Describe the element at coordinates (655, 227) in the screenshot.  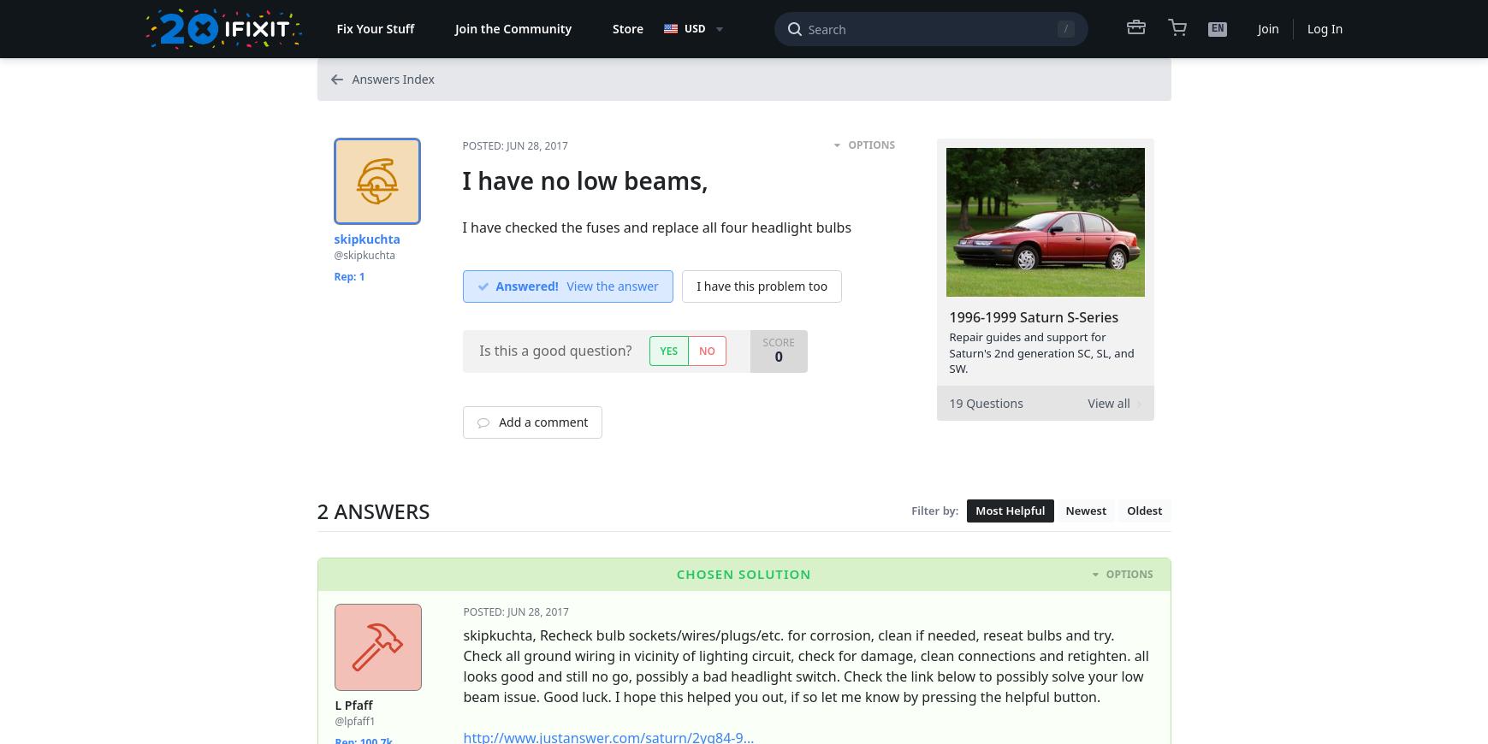
I see `'I have checked the fuses and replace all four headlight bulbs'` at that location.